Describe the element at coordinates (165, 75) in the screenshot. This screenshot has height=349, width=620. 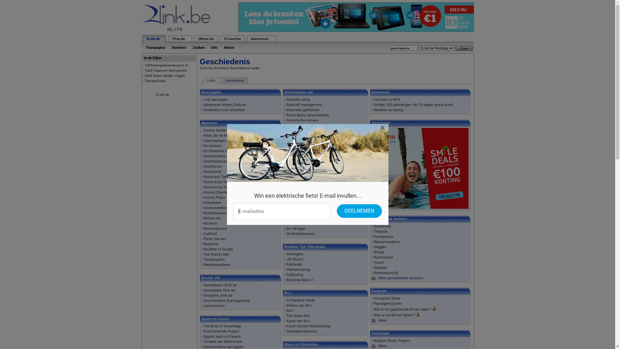
I see `'Geld lenen zonder vragen'` at that location.